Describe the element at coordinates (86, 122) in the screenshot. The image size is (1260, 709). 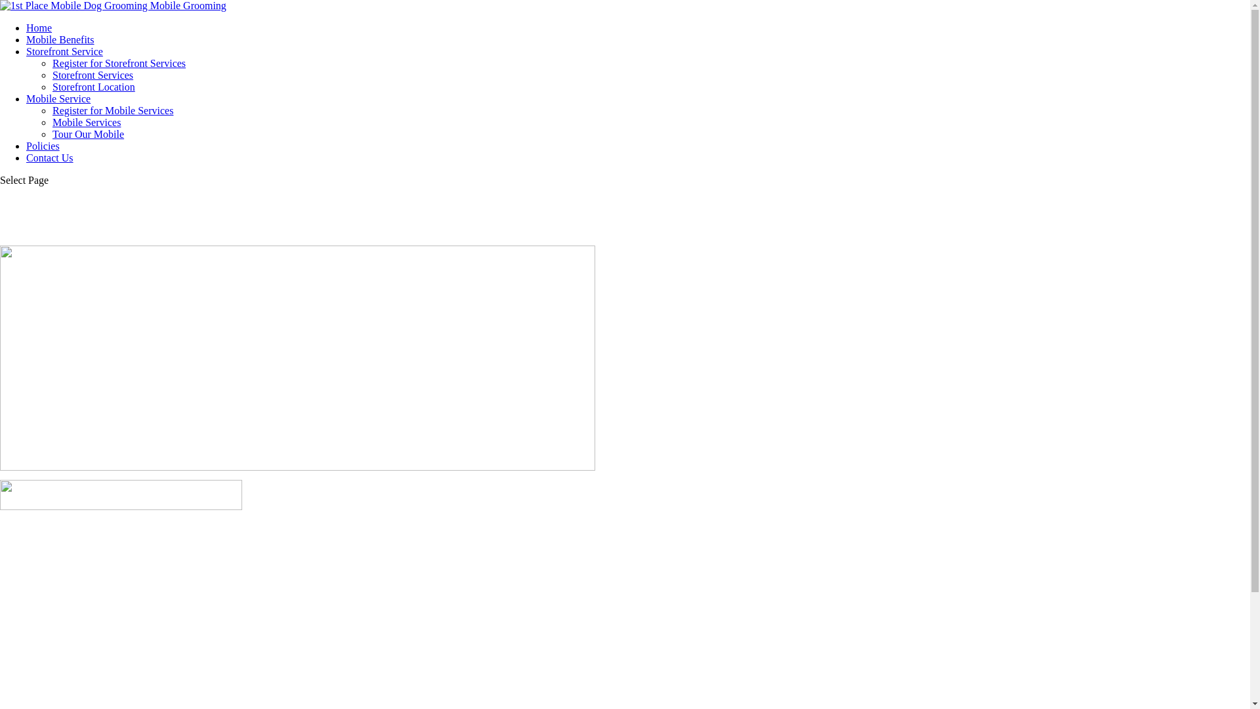
I see `'Mobile Services'` at that location.